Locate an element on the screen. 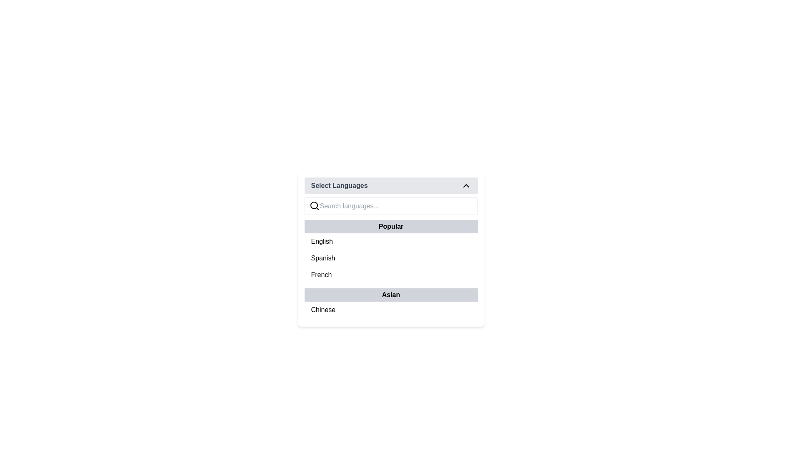  the upward-pointing chevron icon located in the top-right corner of the 'Select Languages' button is located at coordinates (465, 185).